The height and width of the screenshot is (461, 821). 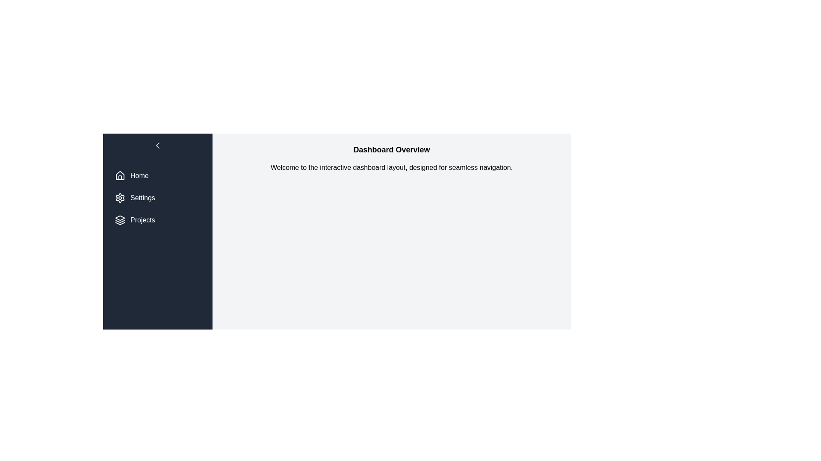 What do you see at coordinates (158, 146) in the screenshot?
I see `the Icon button (left arrow) located at the topmost area of the sidebar` at bounding box center [158, 146].